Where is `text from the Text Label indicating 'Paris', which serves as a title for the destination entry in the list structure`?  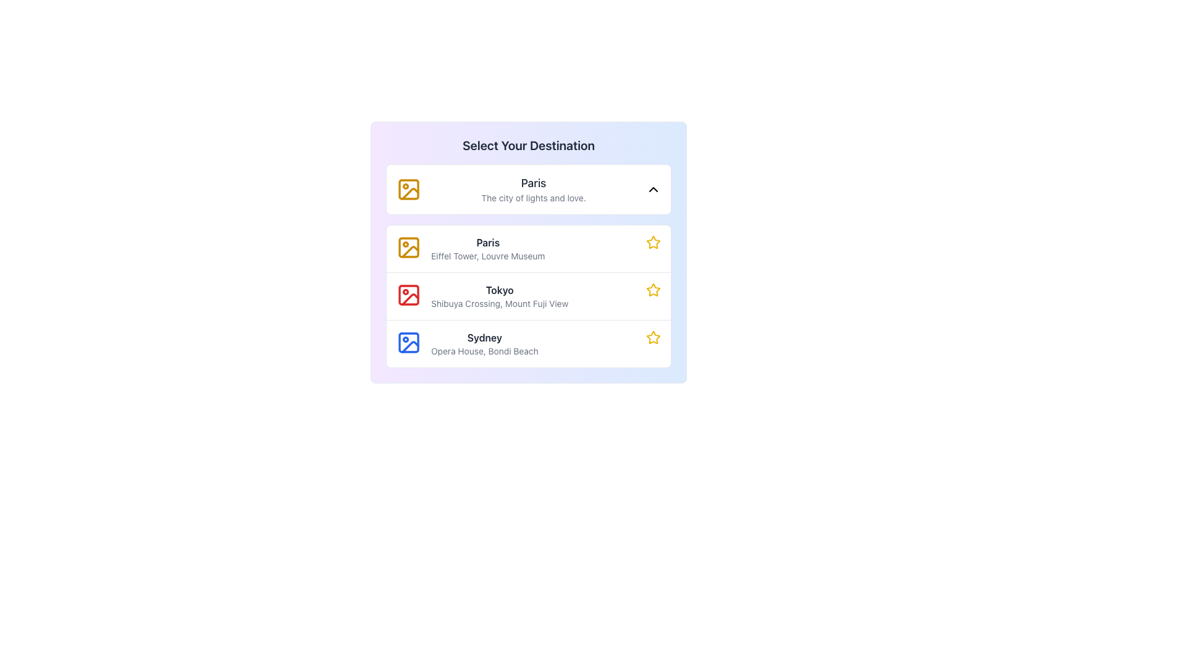
text from the Text Label indicating 'Paris', which serves as a title for the destination entry in the list structure is located at coordinates (487, 243).